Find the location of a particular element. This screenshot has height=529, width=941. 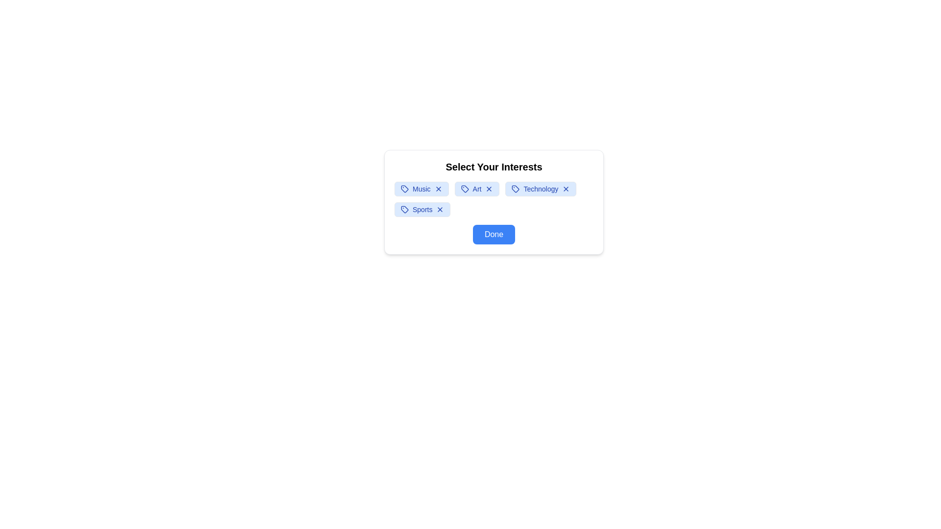

'Done' button to complete the selection of interests is located at coordinates (494, 234).